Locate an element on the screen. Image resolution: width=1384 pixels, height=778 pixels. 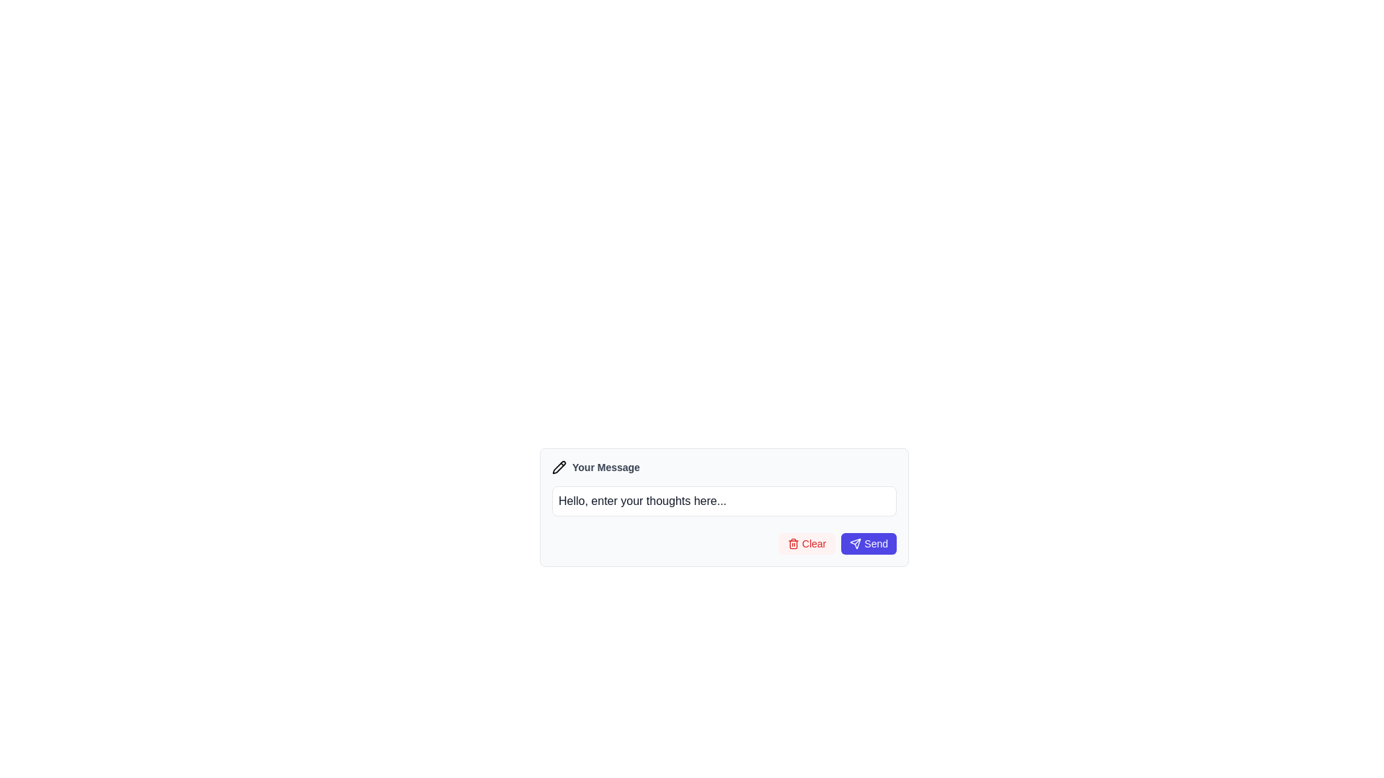
the label that indicates where the user can input their message, positioned to the right of a pencil icon, above the corresponding textarea is located at coordinates (605, 467).